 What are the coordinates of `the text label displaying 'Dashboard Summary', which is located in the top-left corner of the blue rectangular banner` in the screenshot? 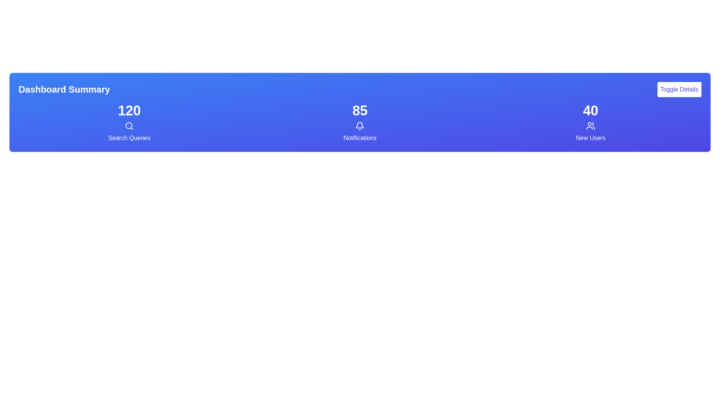 It's located at (64, 89).